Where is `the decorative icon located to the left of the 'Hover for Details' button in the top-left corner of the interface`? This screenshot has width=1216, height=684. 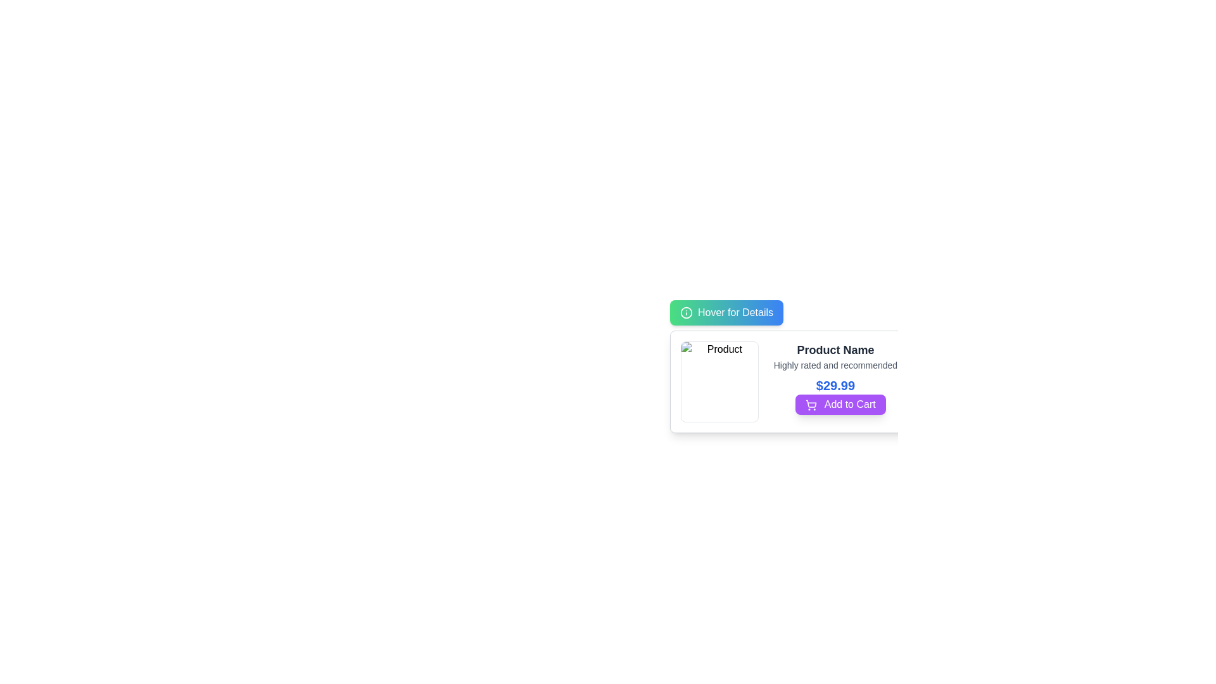
the decorative icon located to the left of the 'Hover for Details' button in the top-left corner of the interface is located at coordinates (685, 312).